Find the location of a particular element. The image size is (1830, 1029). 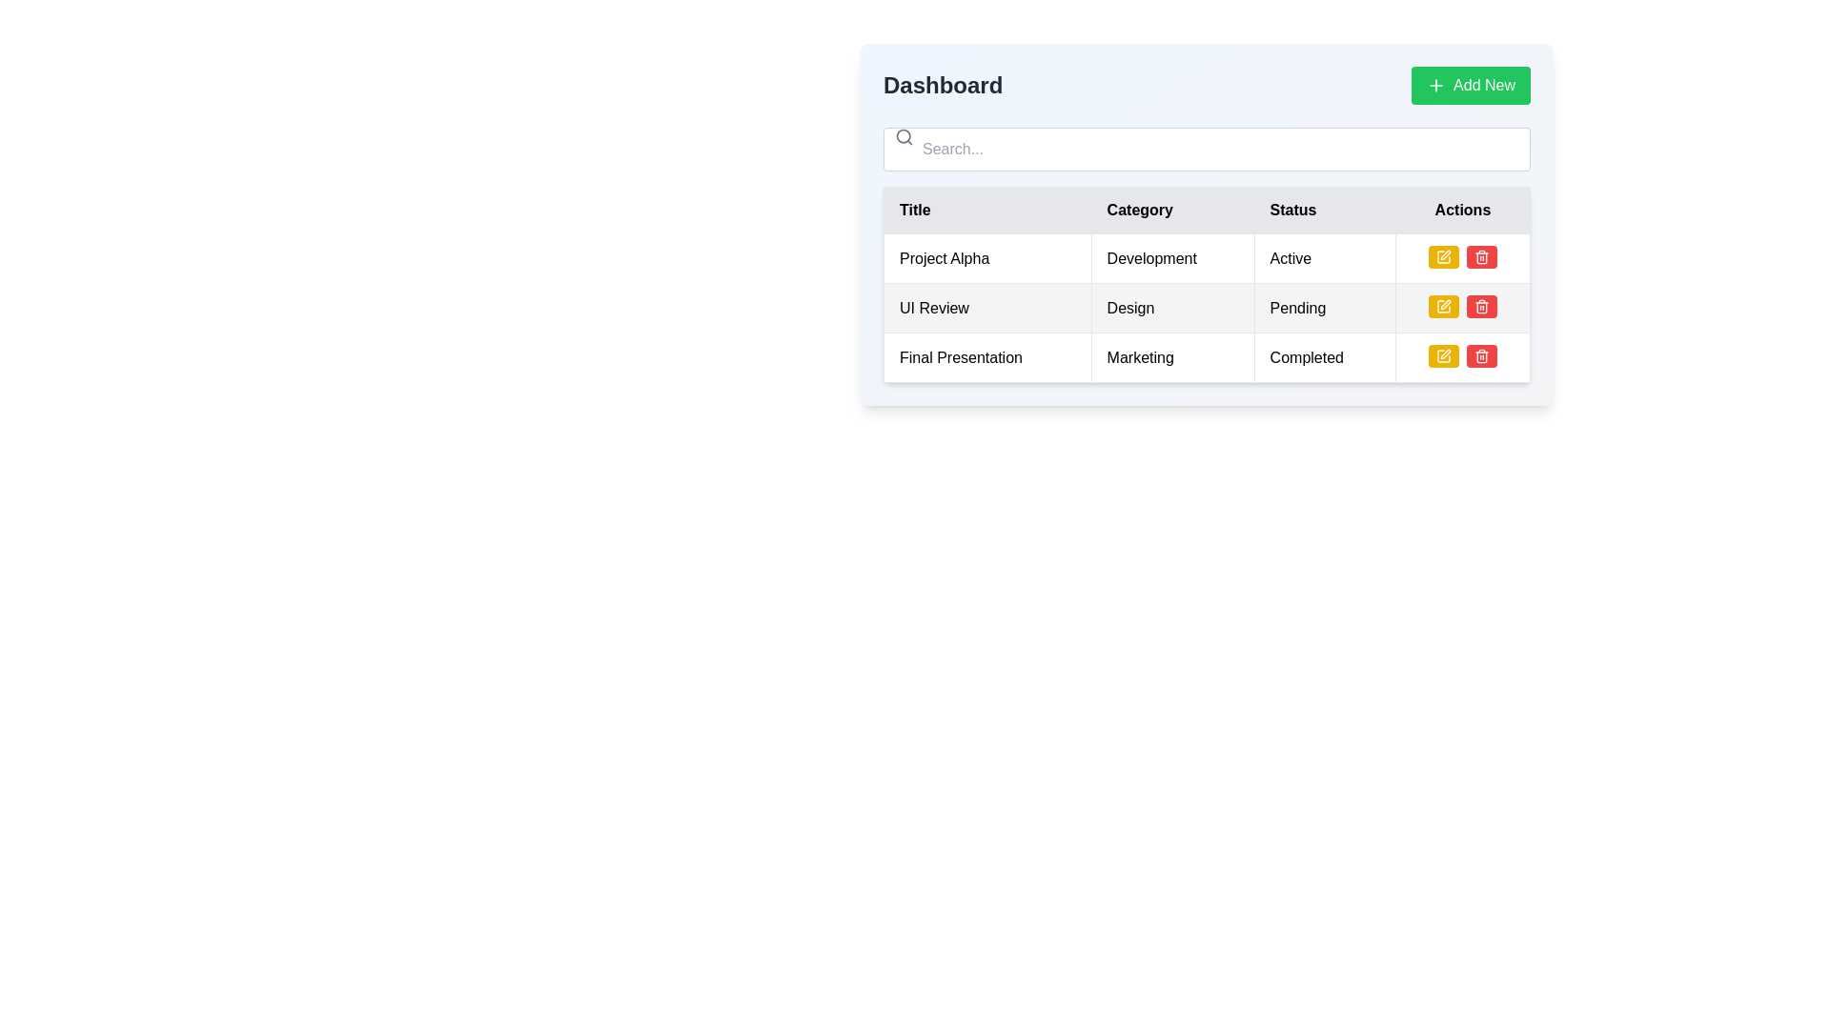

the edit button in the Button group for the 'Project Alpha' entry in the Actions column of the table, located to the right of the 'Status' value 'Active' is located at coordinates (1462, 258).